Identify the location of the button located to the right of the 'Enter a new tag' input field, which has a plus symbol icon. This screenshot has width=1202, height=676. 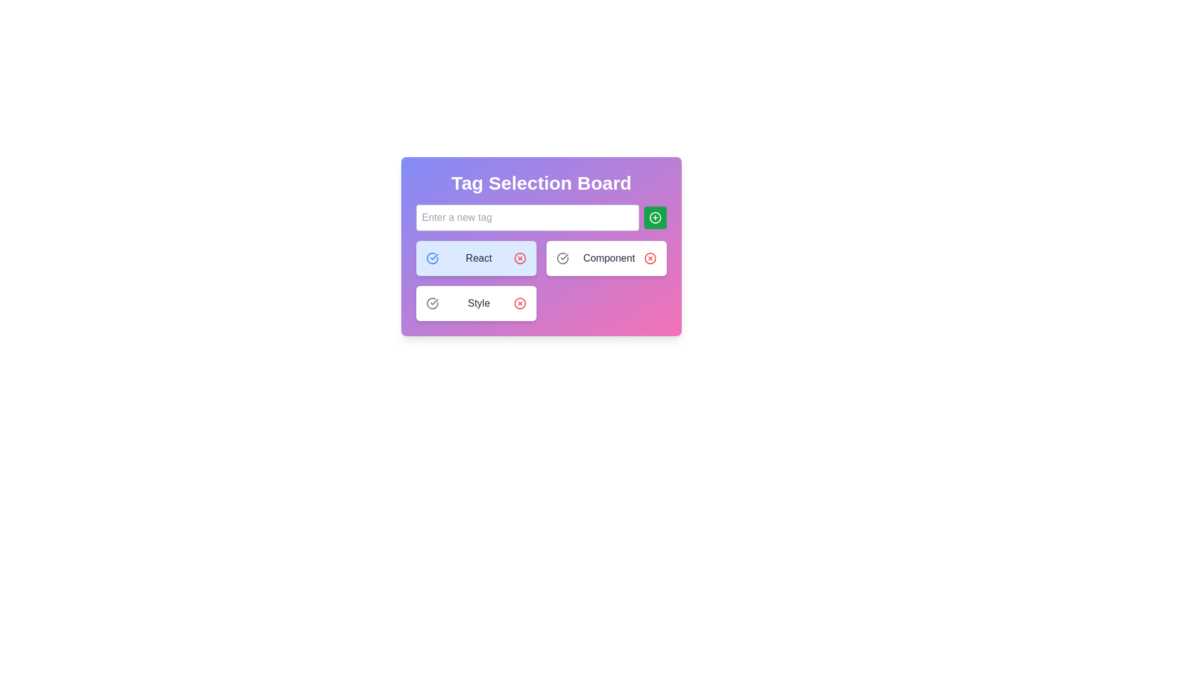
(654, 217).